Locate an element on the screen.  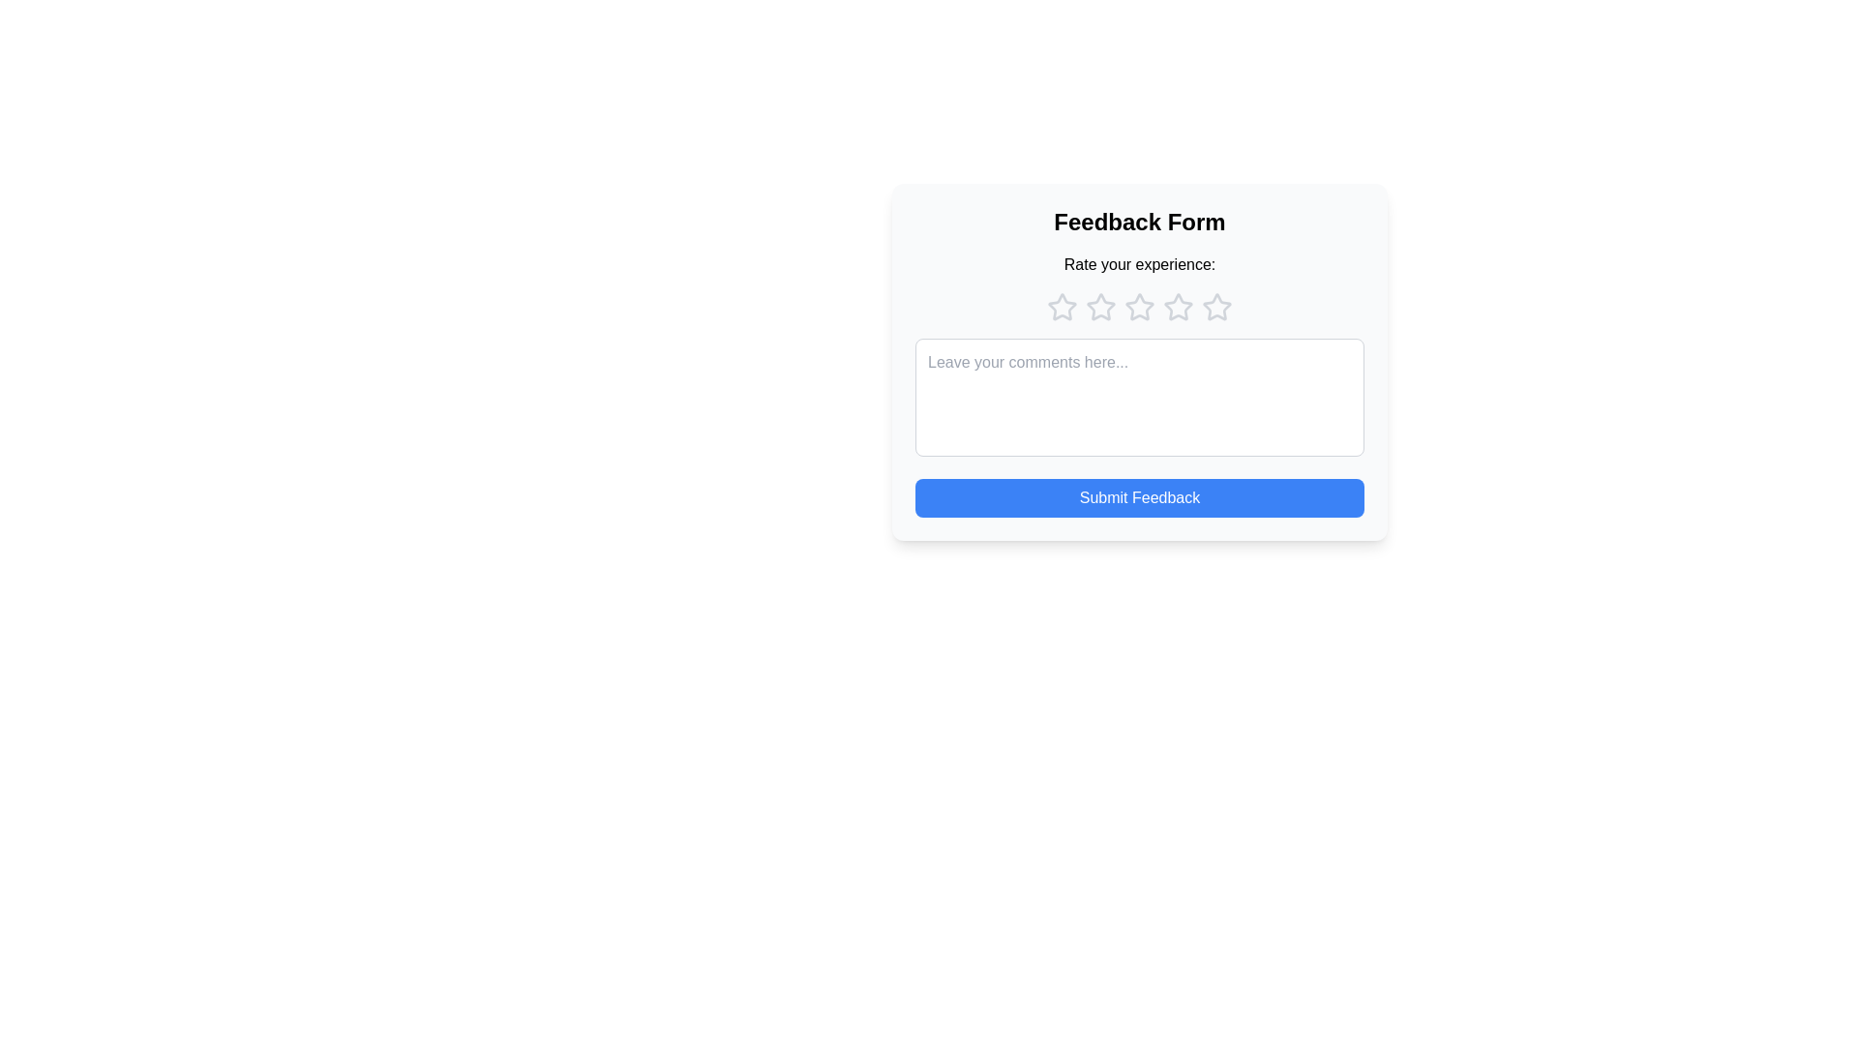
text displayed in the heading that says 'Feedback Form', which is the title at the top of the feedback form is located at coordinates (1139, 222).